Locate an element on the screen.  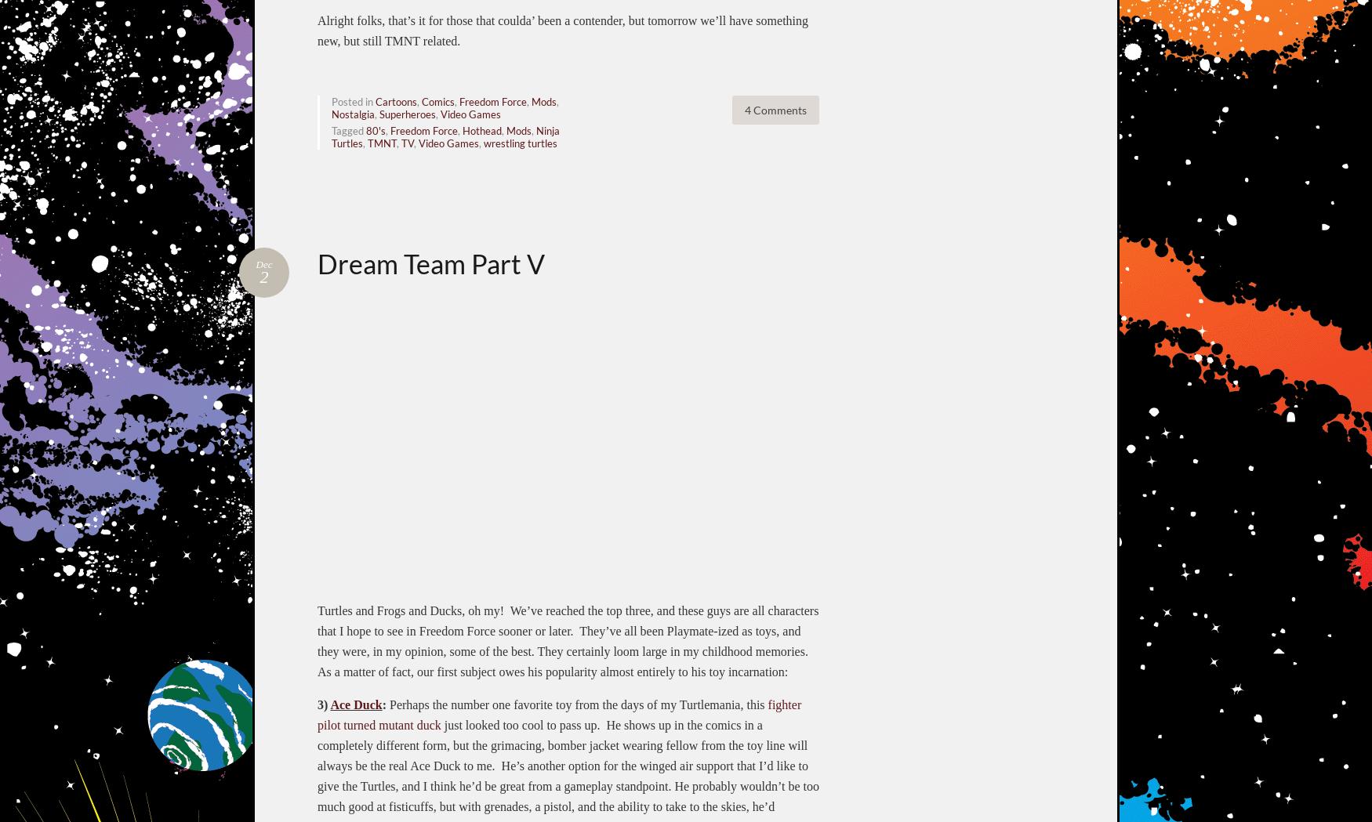
':' is located at coordinates (382, 703).